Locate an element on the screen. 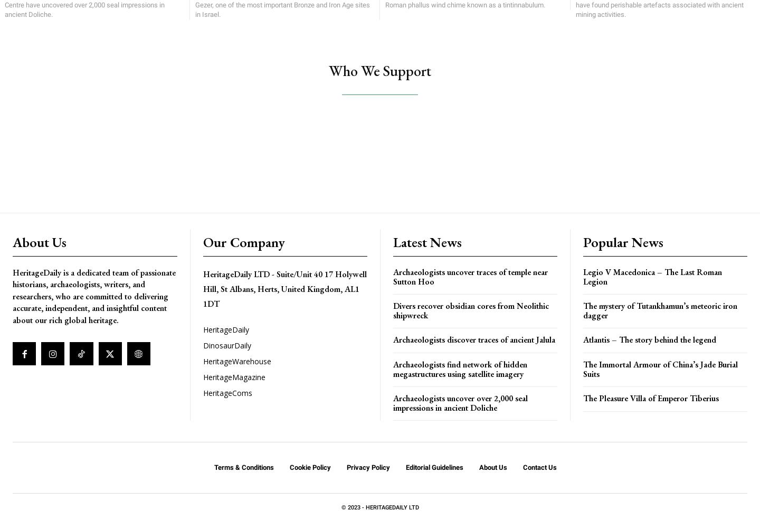  'Cookie Policy' is located at coordinates (309, 467).